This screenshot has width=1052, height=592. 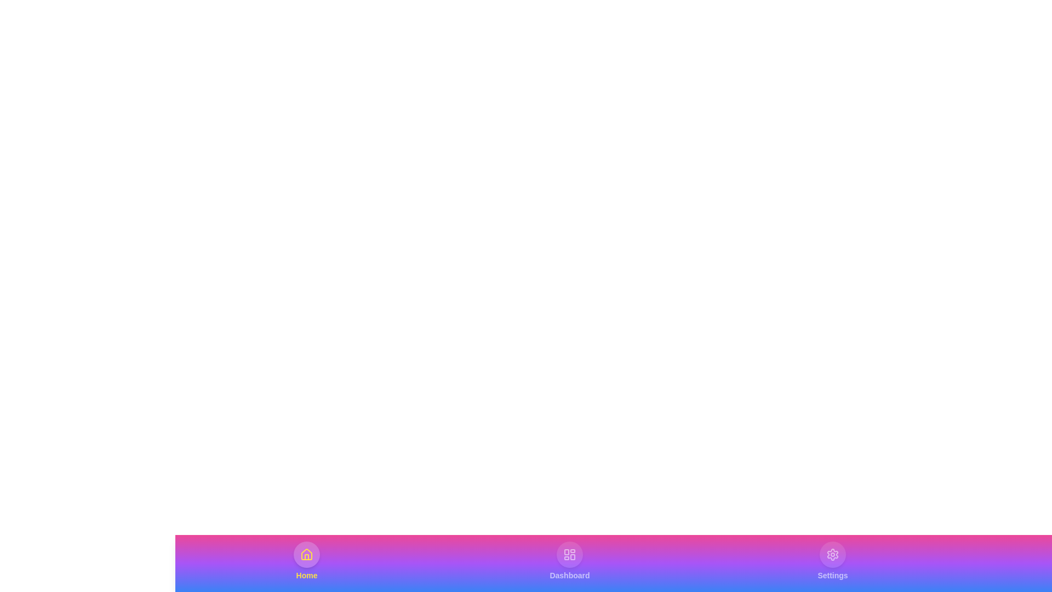 I want to click on the Home button in the bottom navigation bar, so click(x=307, y=561).